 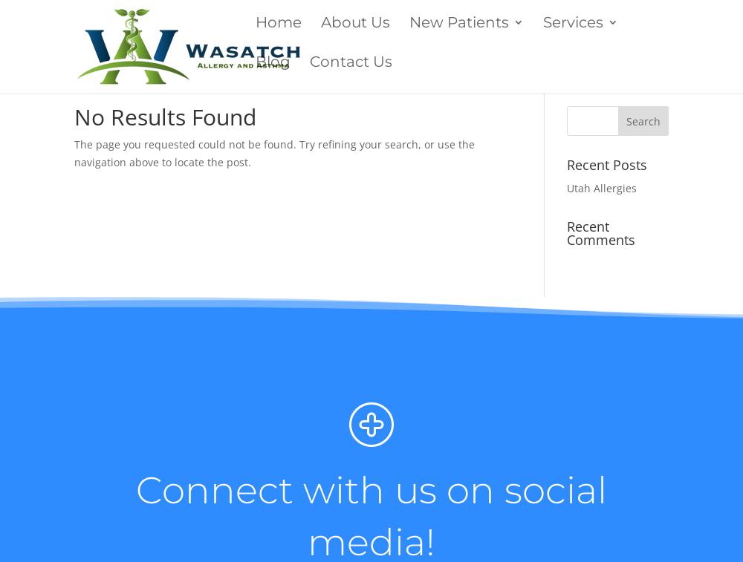 What do you see at coordinates (487, 246) in the screenshot?
I see `'What to expect on your first Visit?'` at bounding box center [487, 246].